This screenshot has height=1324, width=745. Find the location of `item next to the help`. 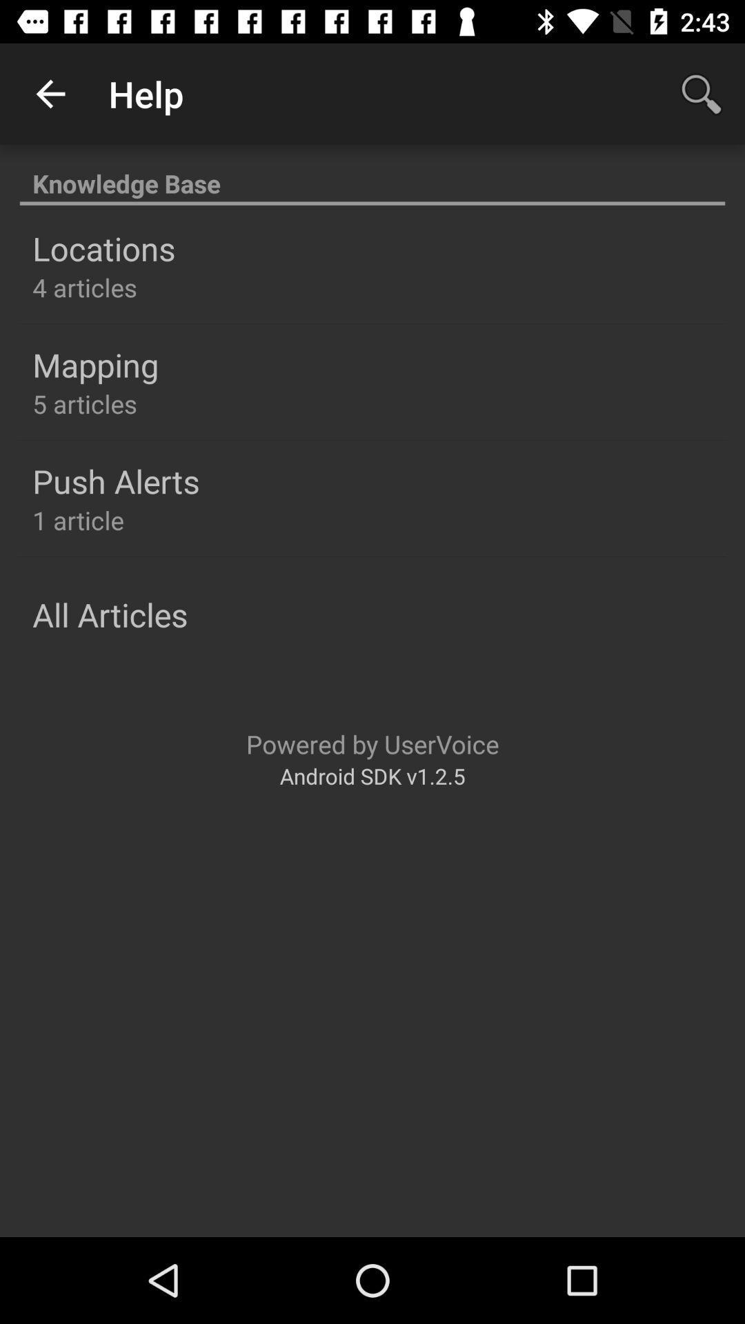

item next to the help is located at coordinates (50, 93).